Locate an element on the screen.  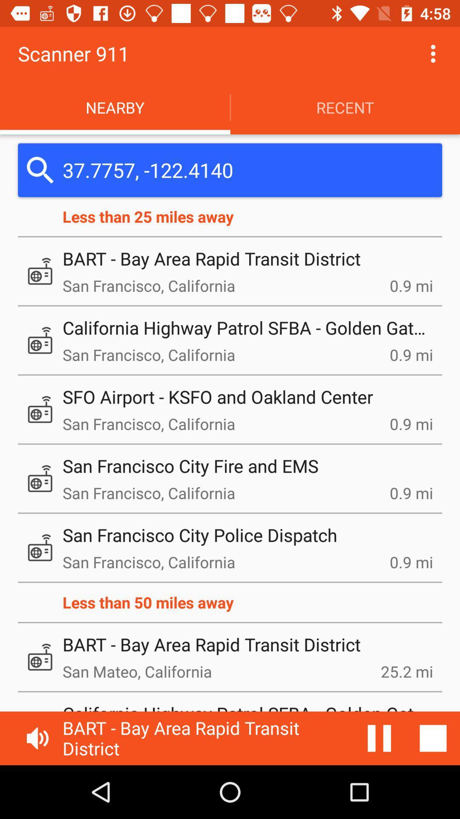
the more icon is located at coordinates (433, 53).